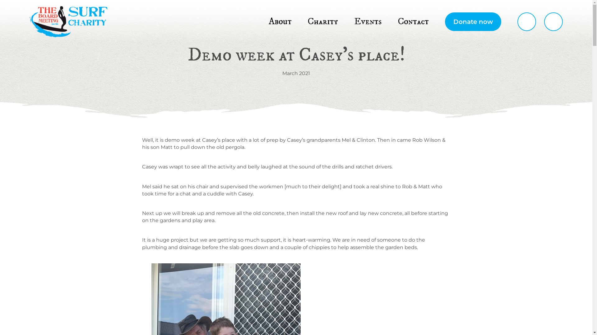 This screenshot has height=335, width=597. I want to click on 'About', so click(280, 21).